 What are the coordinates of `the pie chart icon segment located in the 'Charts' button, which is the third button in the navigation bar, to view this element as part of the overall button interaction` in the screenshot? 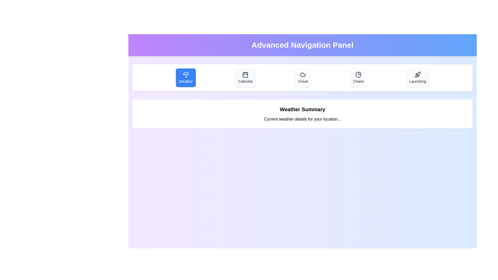 It's located at (359, 73).